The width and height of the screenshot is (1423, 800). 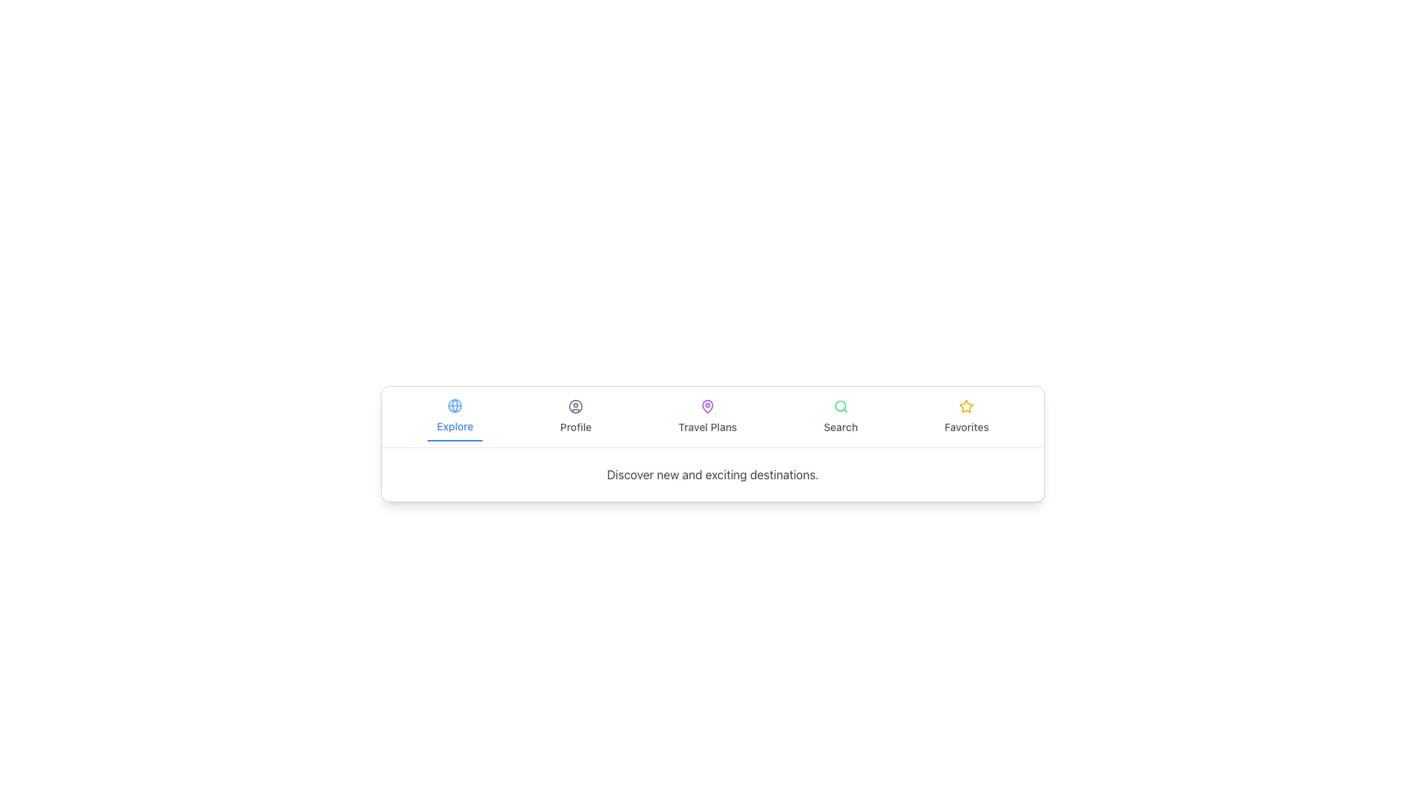 I want to click on the navigation button for travel plans, which is the third element from the left in the navigation bar, so click(x=707, y=417).